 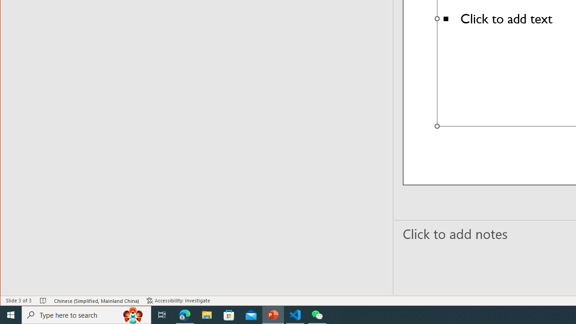 I want to click on 'Start', so click(x=11, y=314).